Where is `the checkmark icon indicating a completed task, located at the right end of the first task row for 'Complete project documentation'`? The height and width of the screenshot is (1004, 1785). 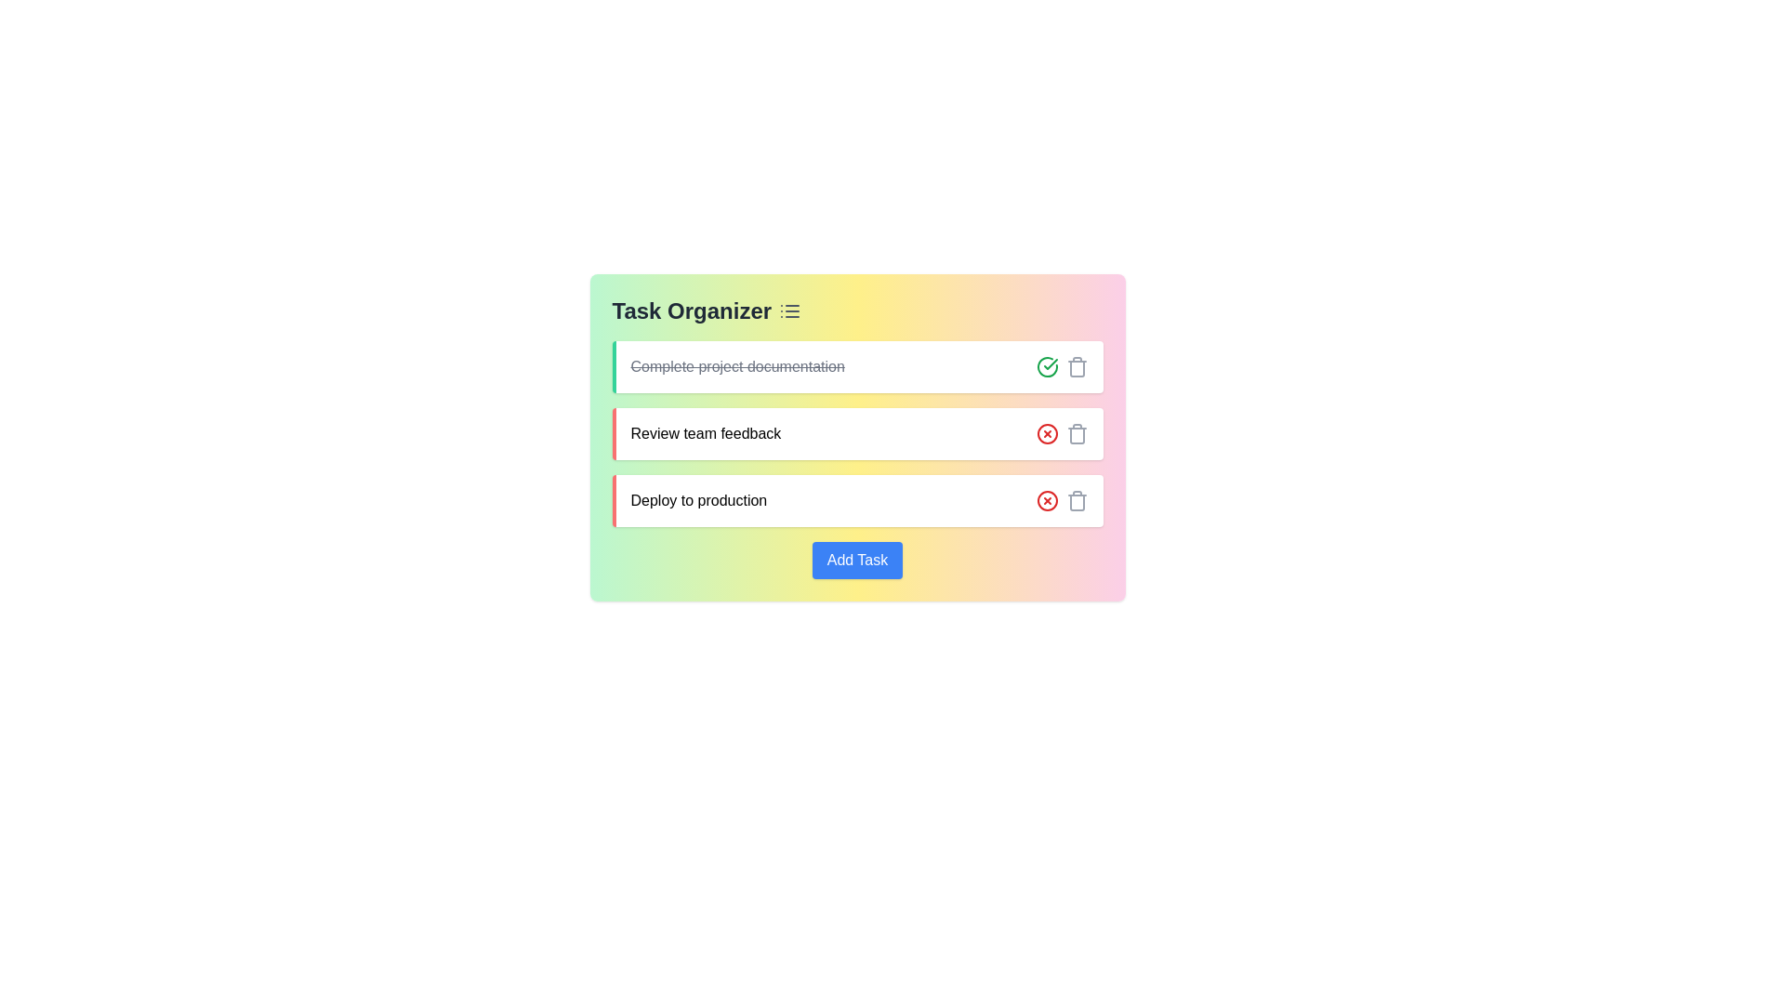
the checkmark icon indicating a completed task, located at the right end of the first task row for 'Complete project documentation' is located at coordinates (1050, 364).